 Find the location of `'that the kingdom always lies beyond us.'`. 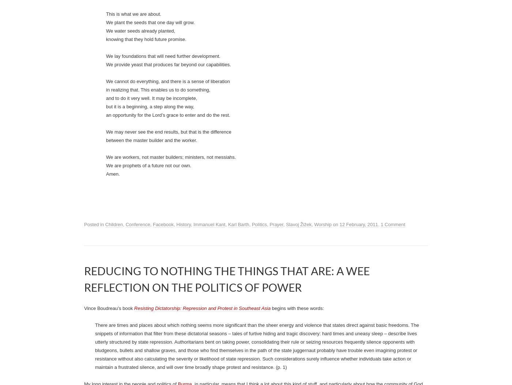

'that the kingdom always lies beyond us.' is located at coordinates (148, 227).